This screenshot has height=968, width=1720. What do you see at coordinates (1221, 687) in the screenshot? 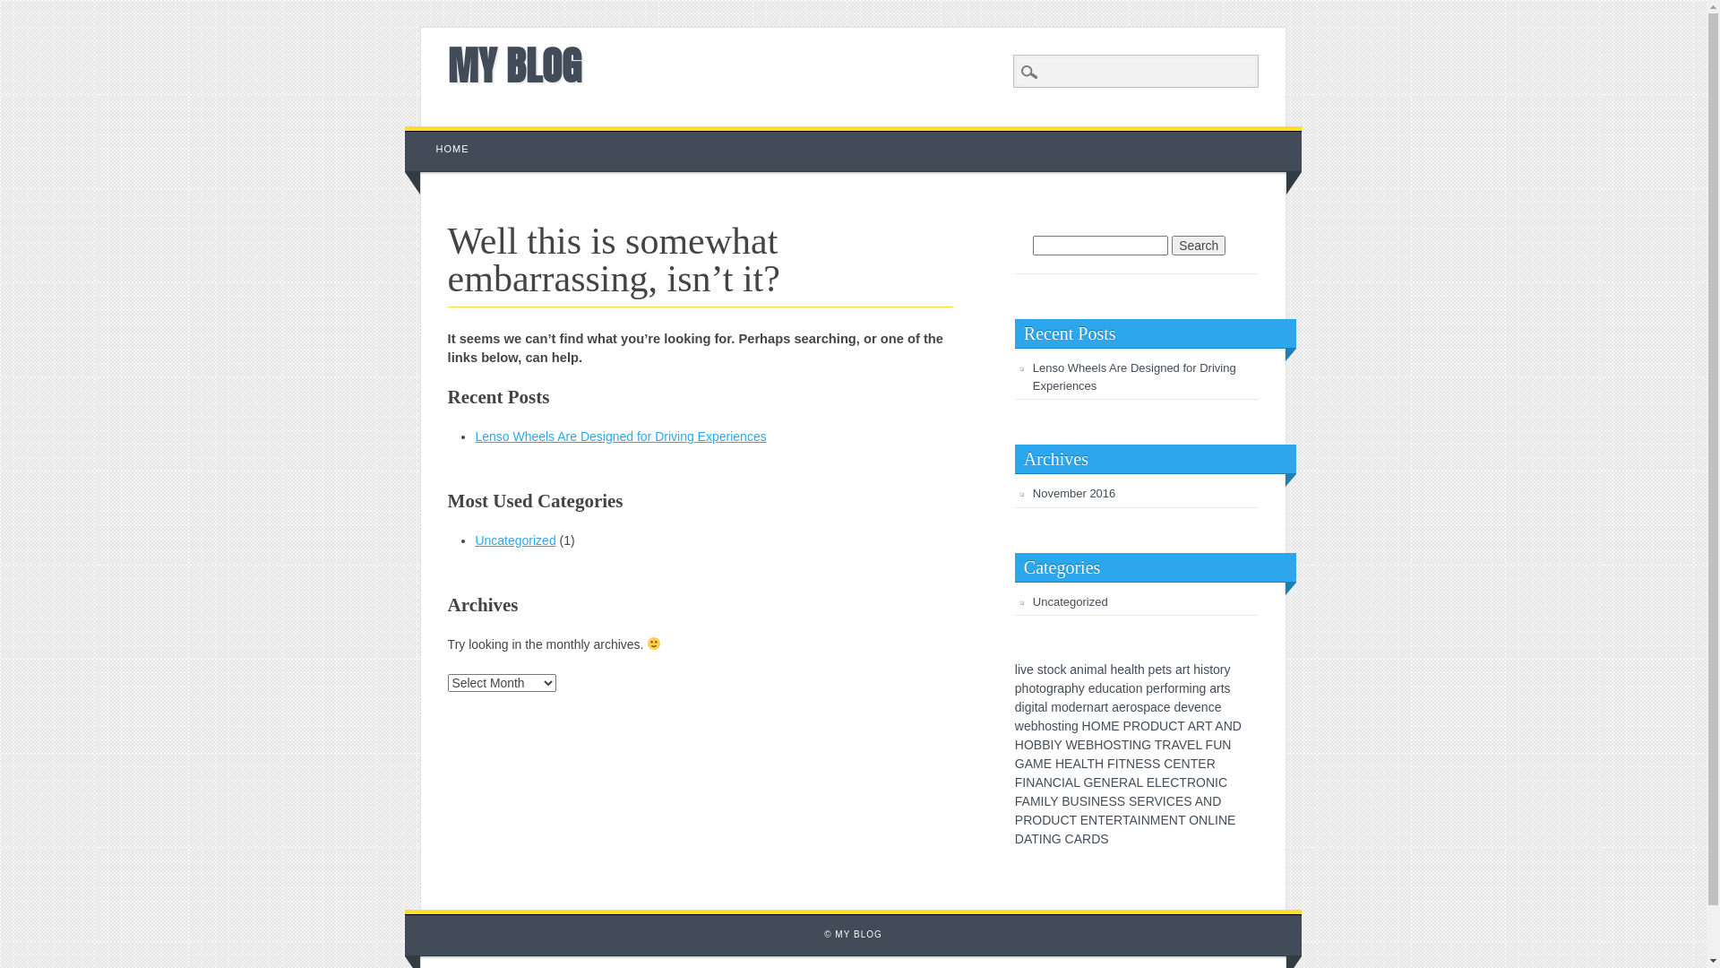
I see `'t'` at bounding box center [1221, 687].